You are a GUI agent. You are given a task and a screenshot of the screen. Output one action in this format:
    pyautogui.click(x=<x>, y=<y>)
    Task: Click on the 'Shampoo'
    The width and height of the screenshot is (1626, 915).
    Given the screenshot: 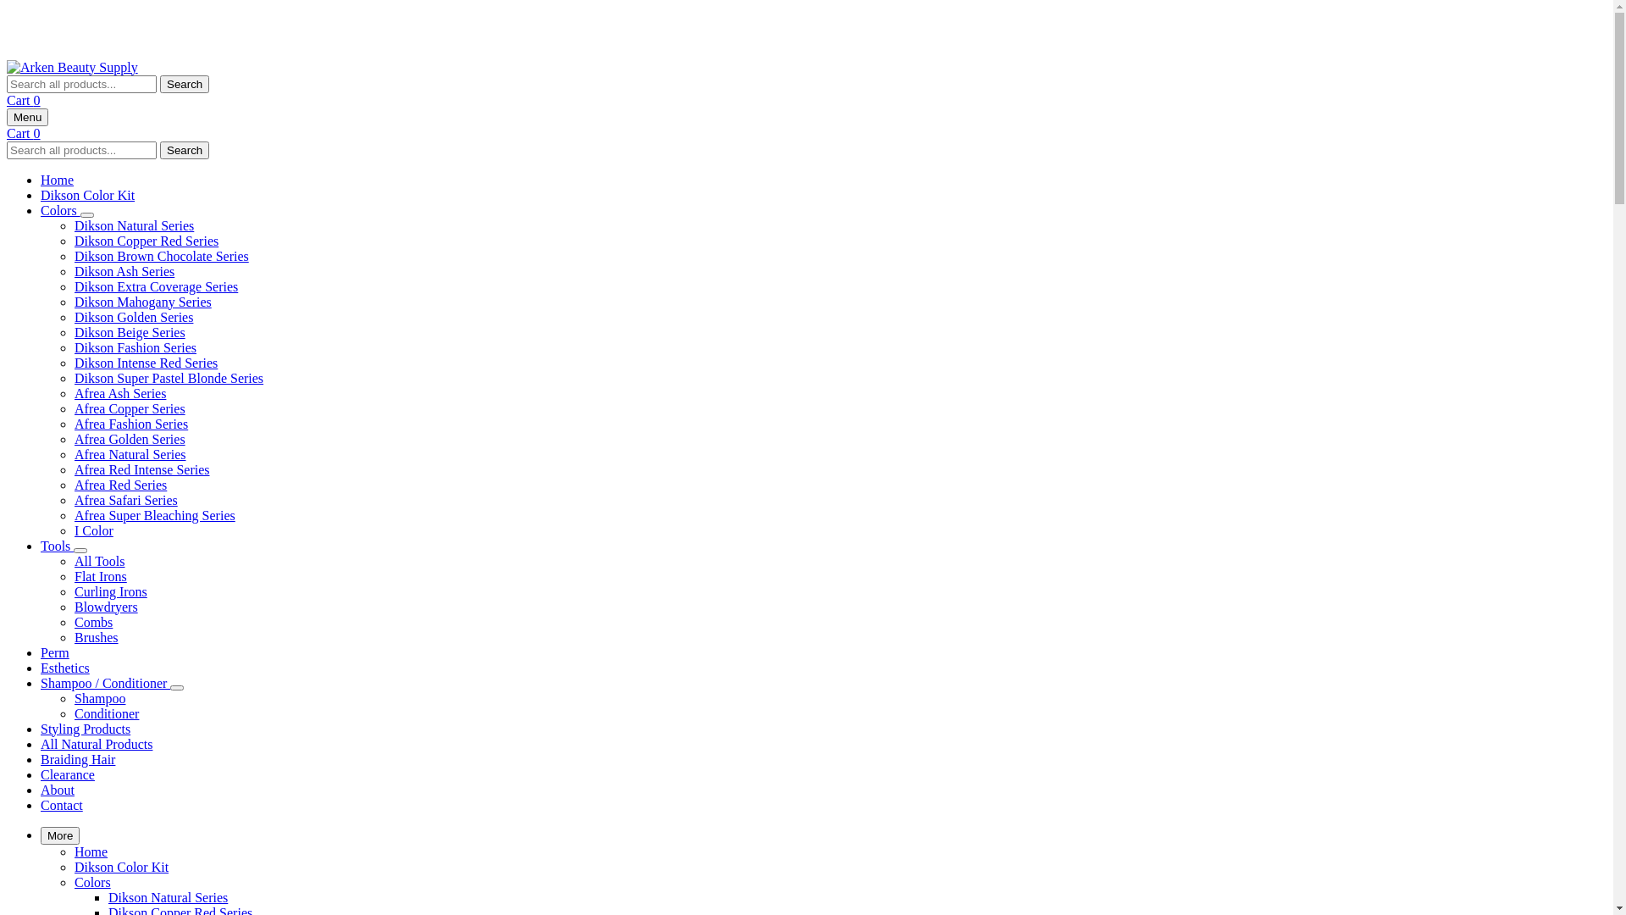 What is the action you would take?
    pyautogui.click(x=99, y=698)
    